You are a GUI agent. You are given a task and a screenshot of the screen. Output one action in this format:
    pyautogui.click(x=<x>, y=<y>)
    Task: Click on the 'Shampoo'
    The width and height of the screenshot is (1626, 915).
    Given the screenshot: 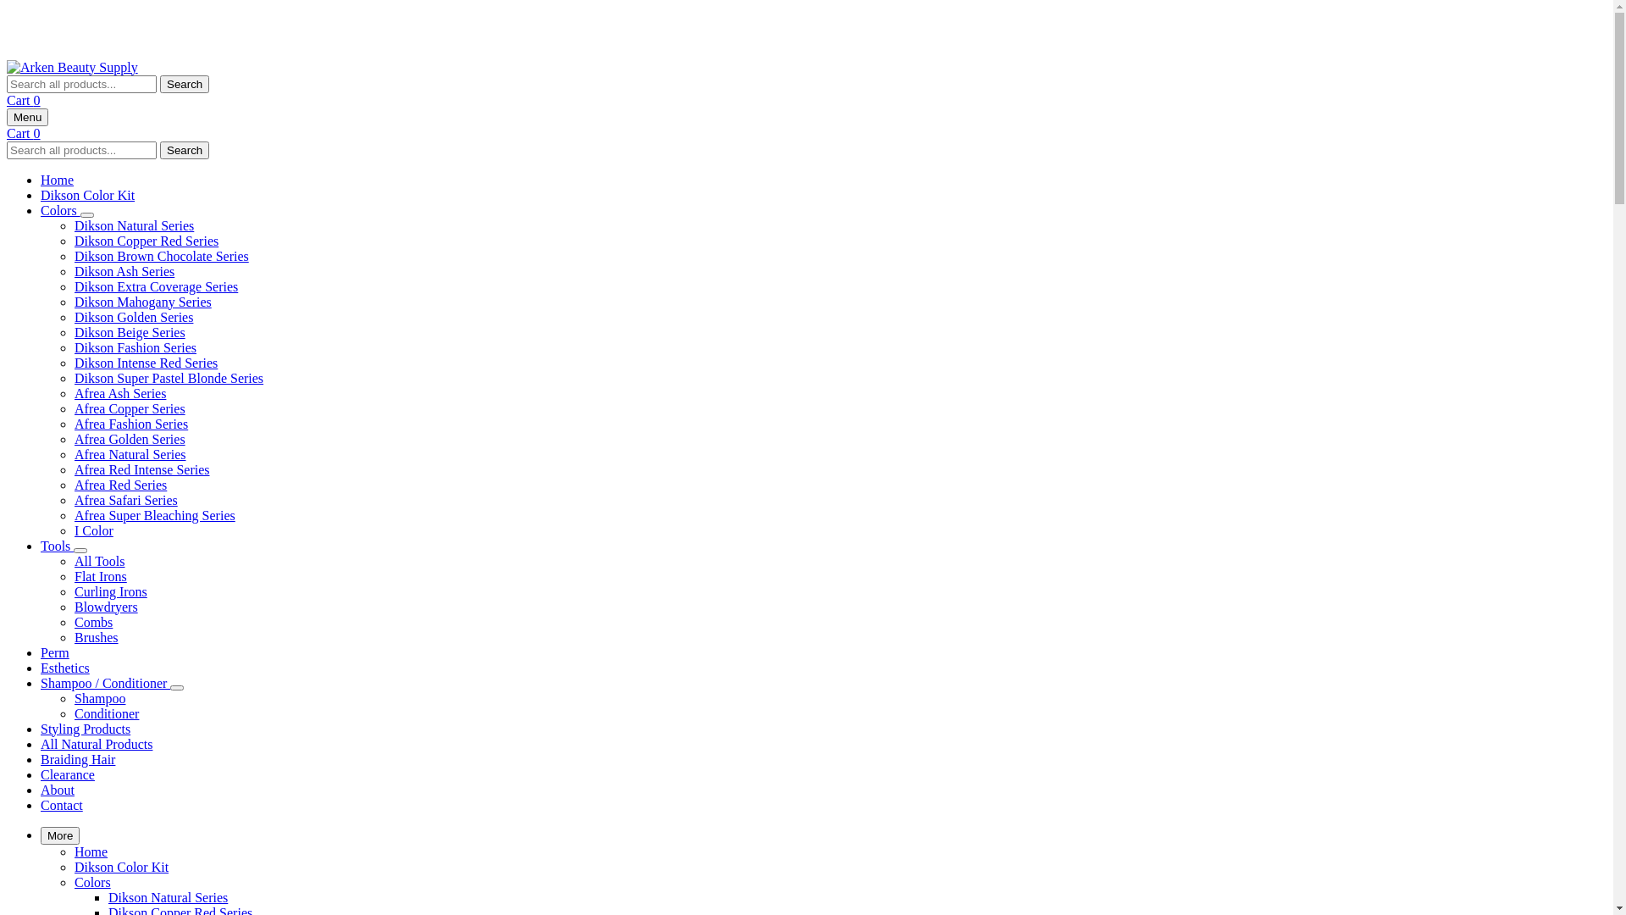 What is the action you would take?
    pyautogui.click(x=99, y=698)
    